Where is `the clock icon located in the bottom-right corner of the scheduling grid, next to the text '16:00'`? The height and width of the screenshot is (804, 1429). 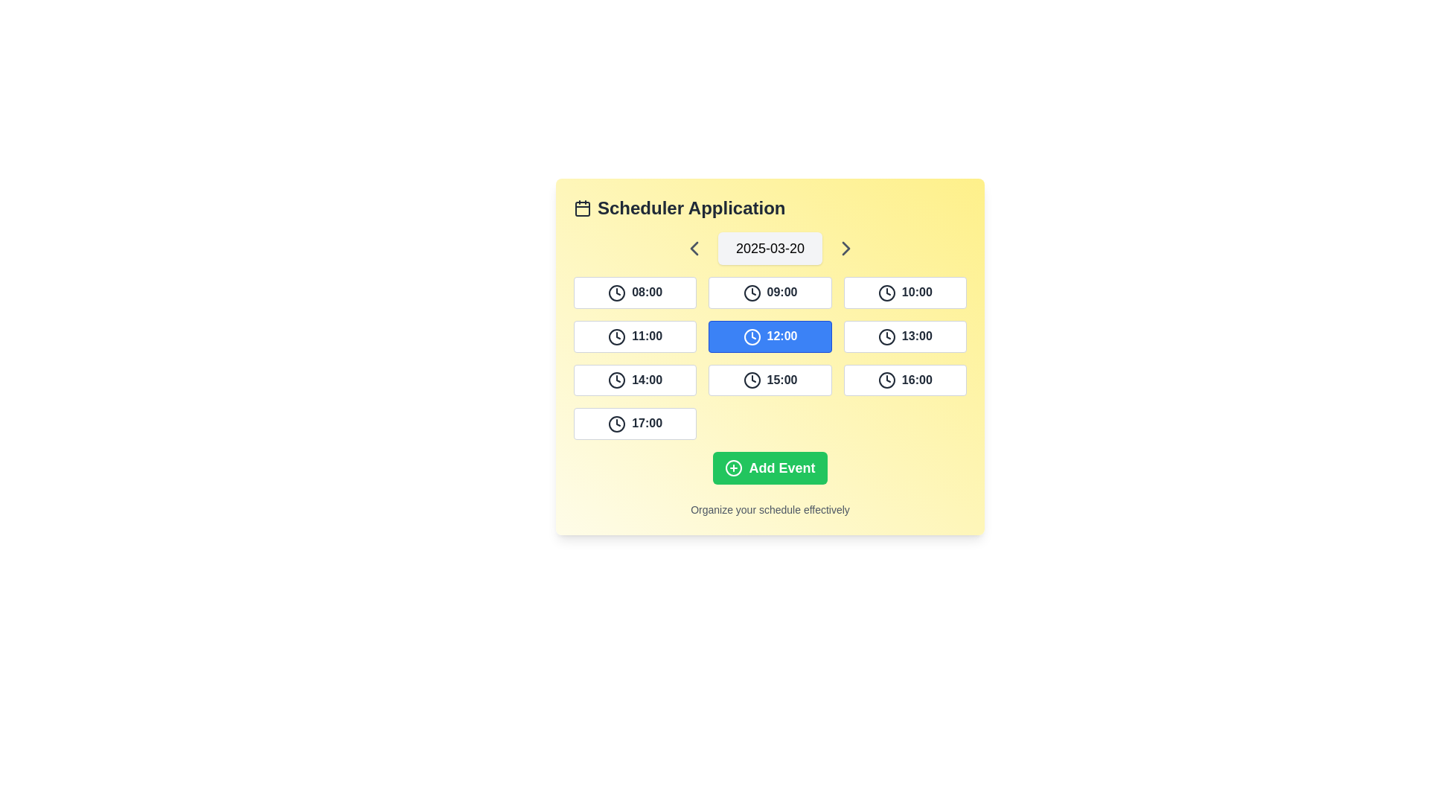 the clock icon located in the bottom-right corner of the scheduling grid, next to the text '16:00' is located at coordinates (886, 380).